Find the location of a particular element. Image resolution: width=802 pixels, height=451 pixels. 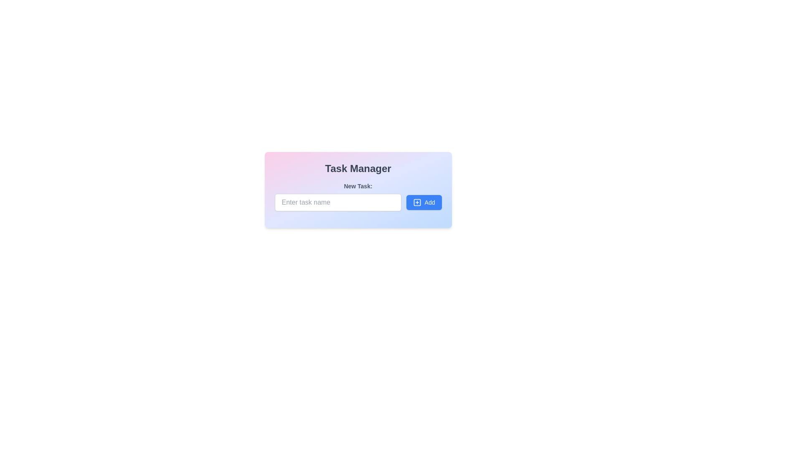

the '+' icon within the 'Add' button is located at coordinates (417, 203).